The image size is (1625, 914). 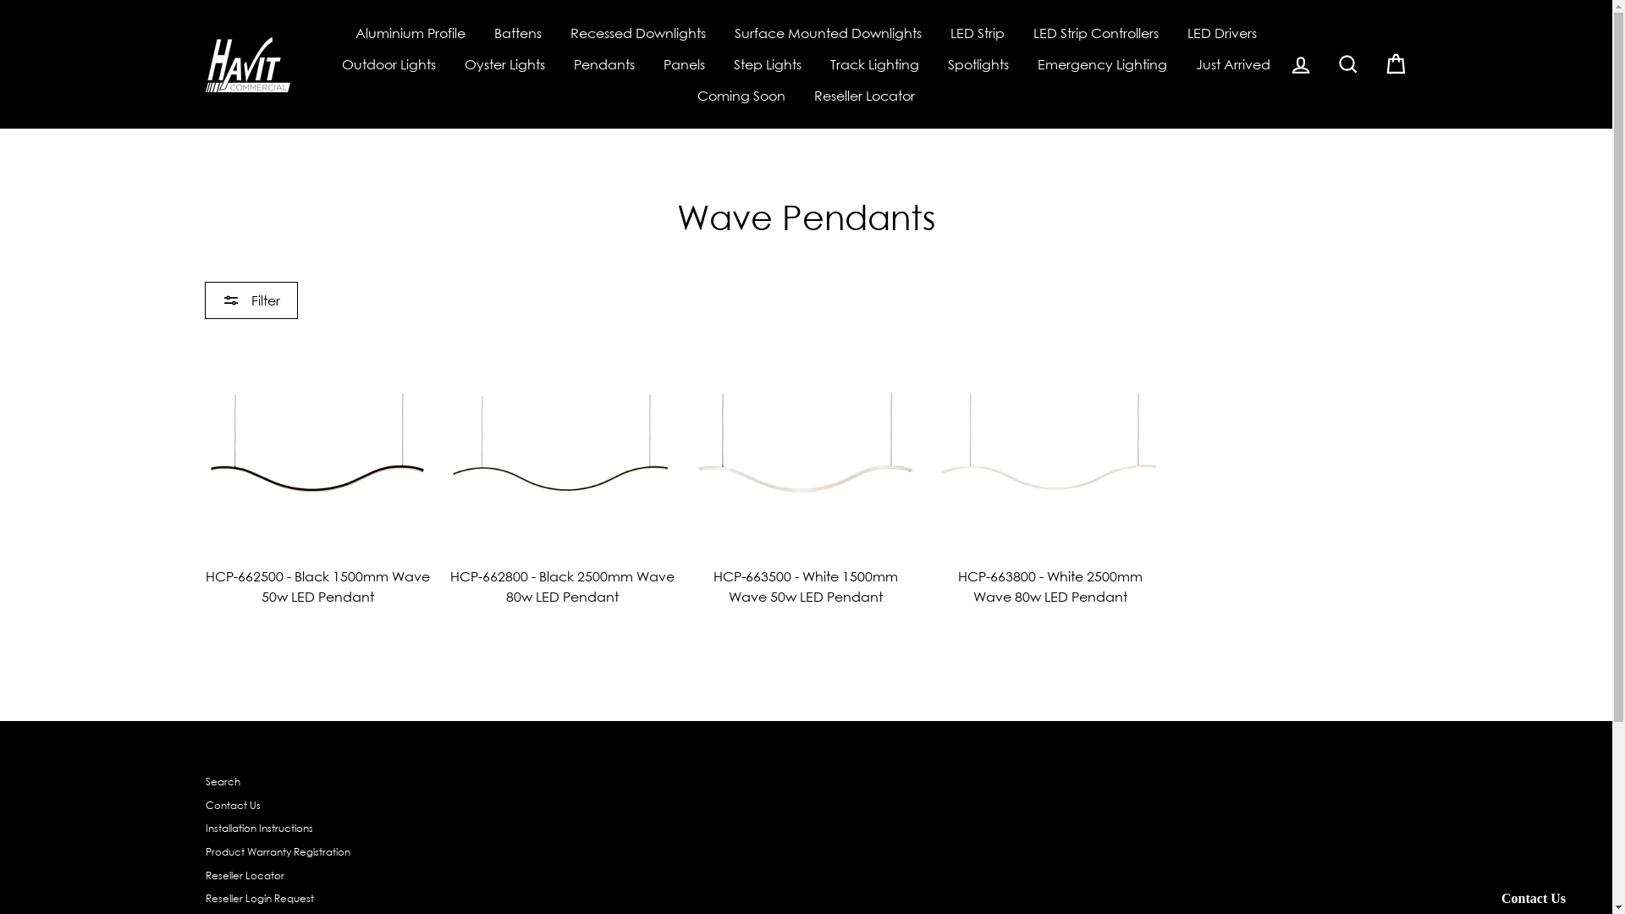 I want to click on 'LED Drivers', so click(x=1222, y=32).